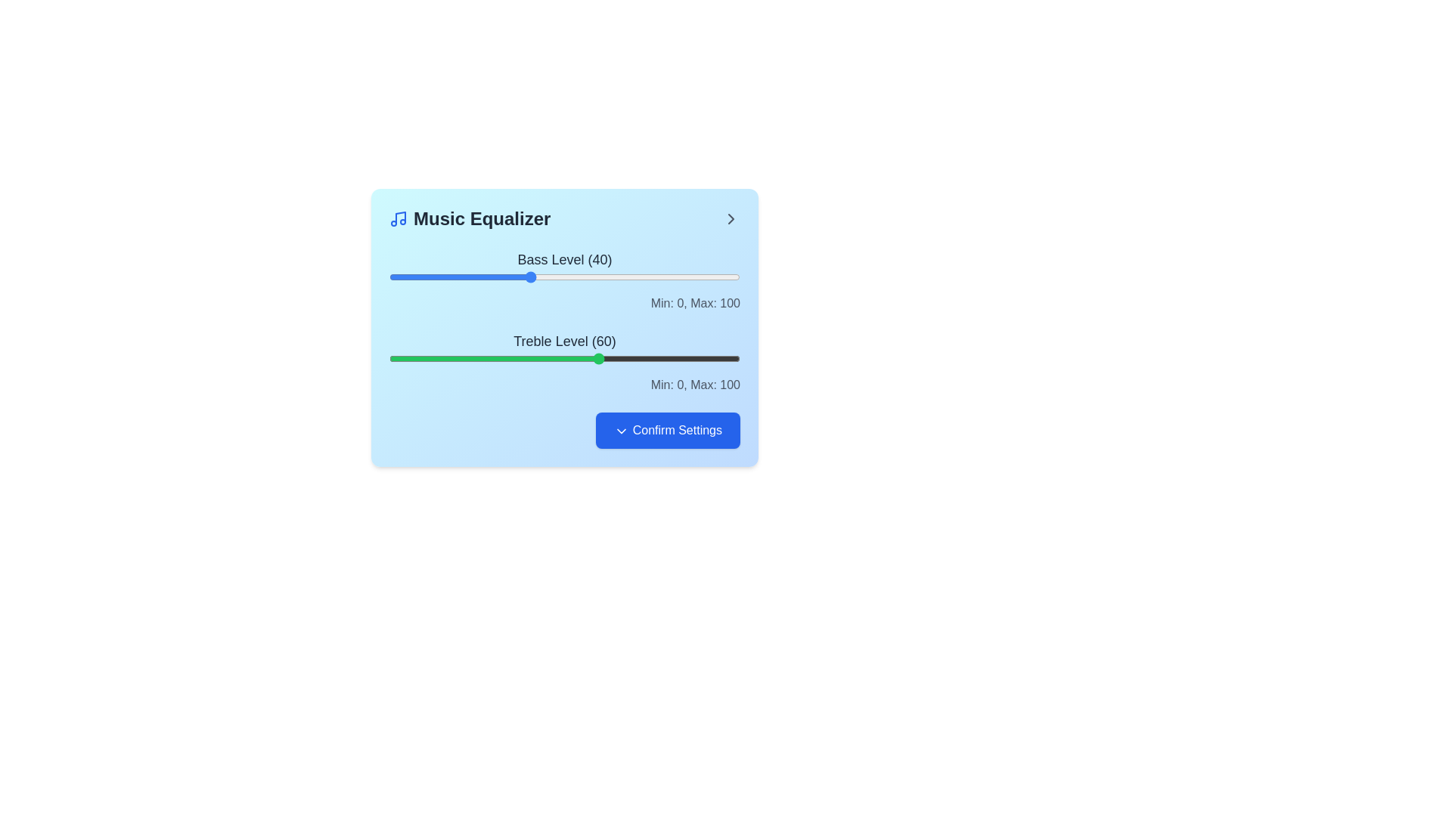  I want to click on the static text label that describes the purpose and current value (60) of the range slider located just below it, so click(564, 341).